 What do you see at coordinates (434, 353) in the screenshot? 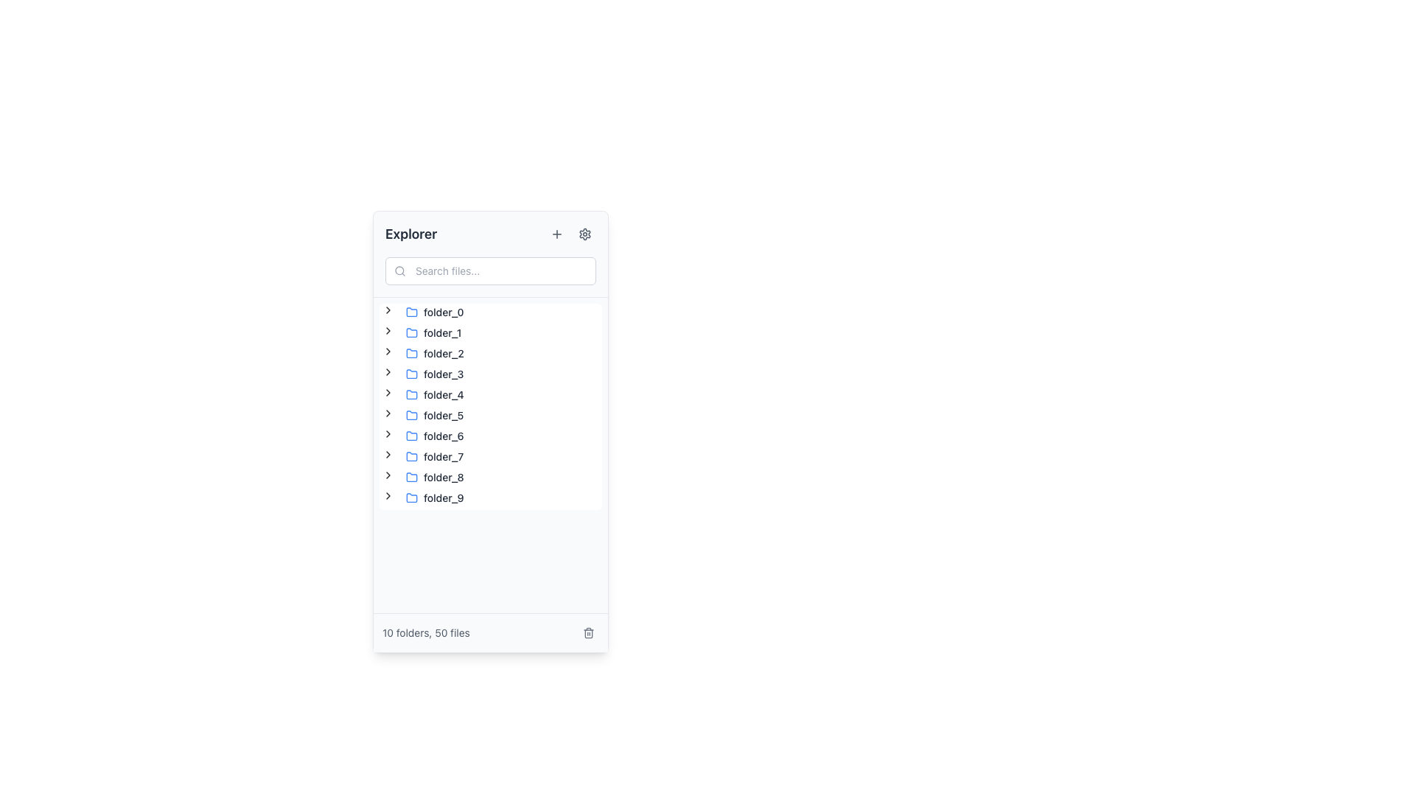
I see `the third folder item in the tree structure located in the left-side menu` at bounding box center [434, 353].